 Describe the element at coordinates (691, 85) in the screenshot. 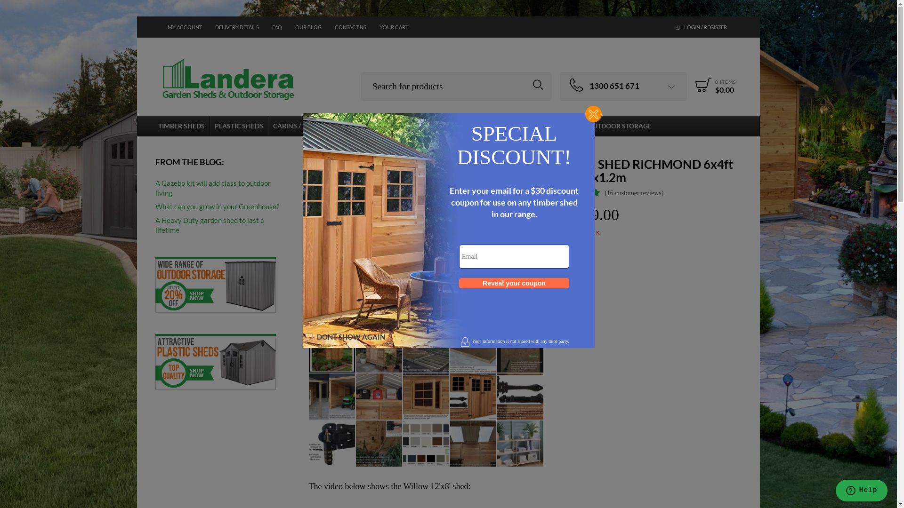

I see `'0 ITEMS` at that location.